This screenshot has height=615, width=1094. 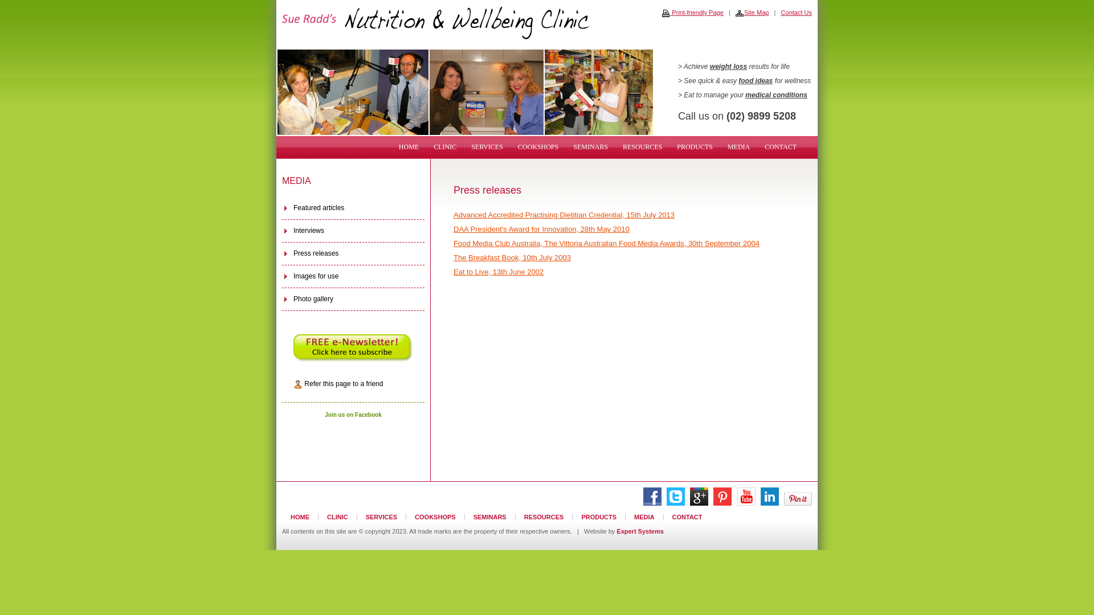 What do you see at coordinates (795, 13) in the screenshot?
I see `'Contact Us'` at bounding box center [795, 13].